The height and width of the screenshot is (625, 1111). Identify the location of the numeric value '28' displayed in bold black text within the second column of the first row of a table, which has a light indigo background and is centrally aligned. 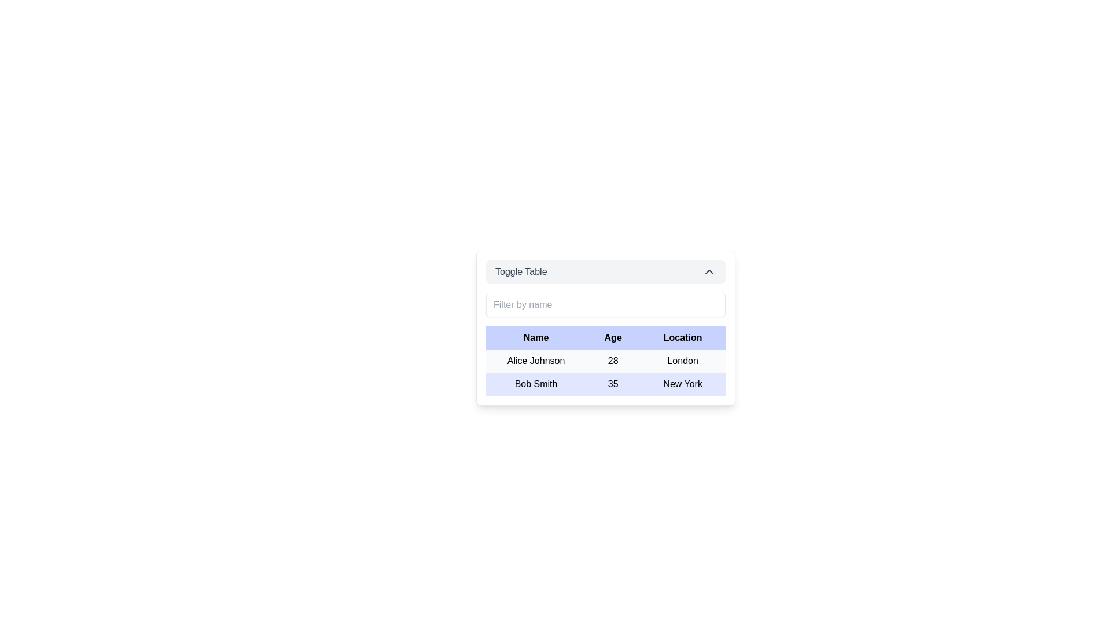
(612, 361).